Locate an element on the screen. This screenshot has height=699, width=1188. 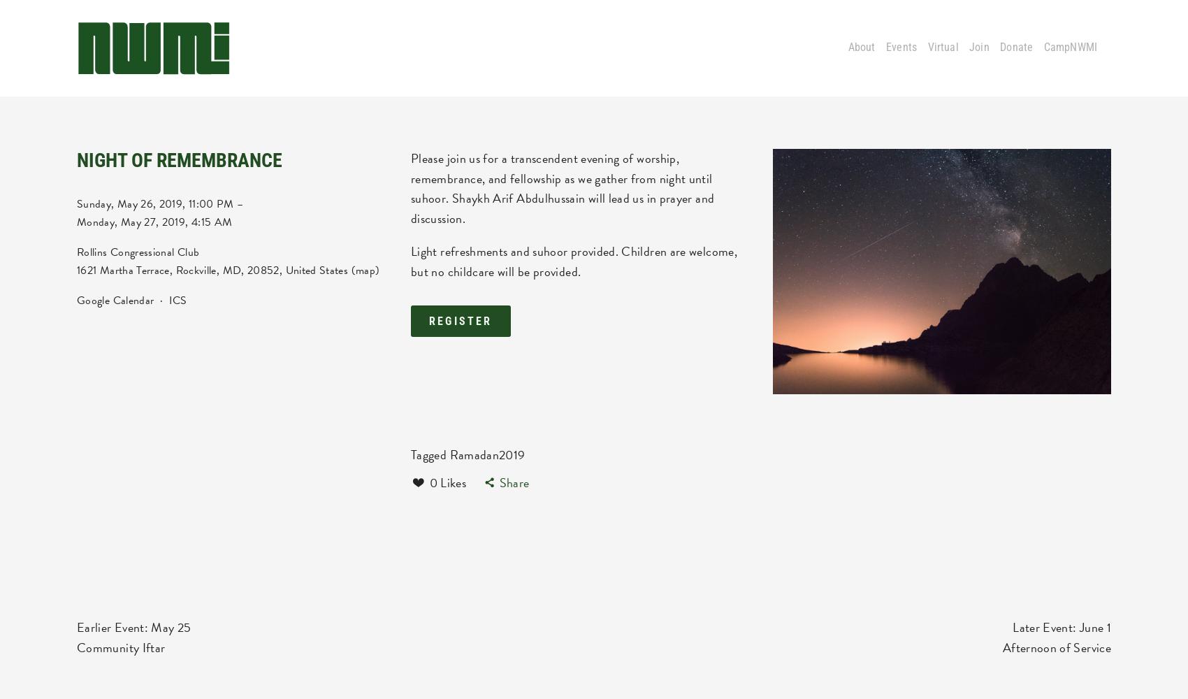
'Rockville, MD, 20852' is located at coordinates (226, 271).